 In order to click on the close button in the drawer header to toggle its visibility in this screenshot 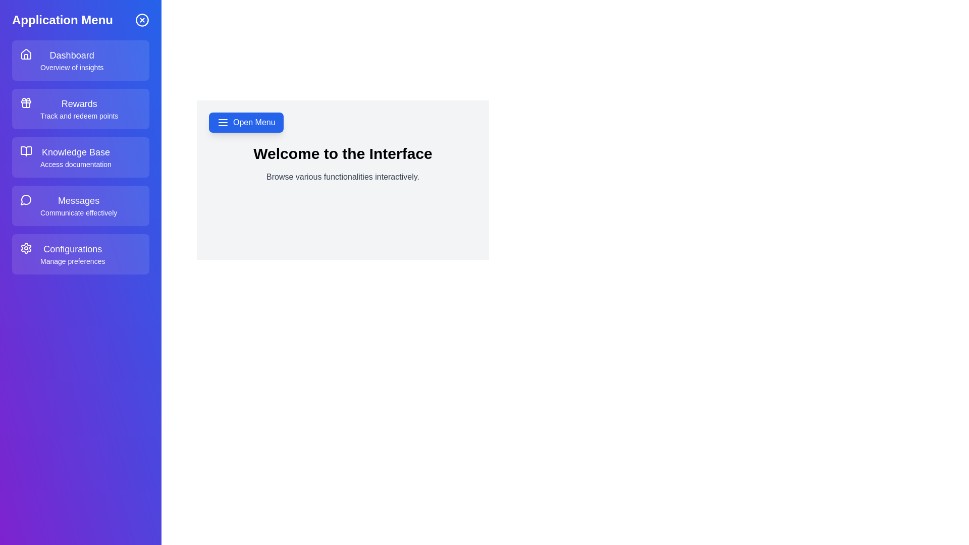, I will do `click(142, 20)`.